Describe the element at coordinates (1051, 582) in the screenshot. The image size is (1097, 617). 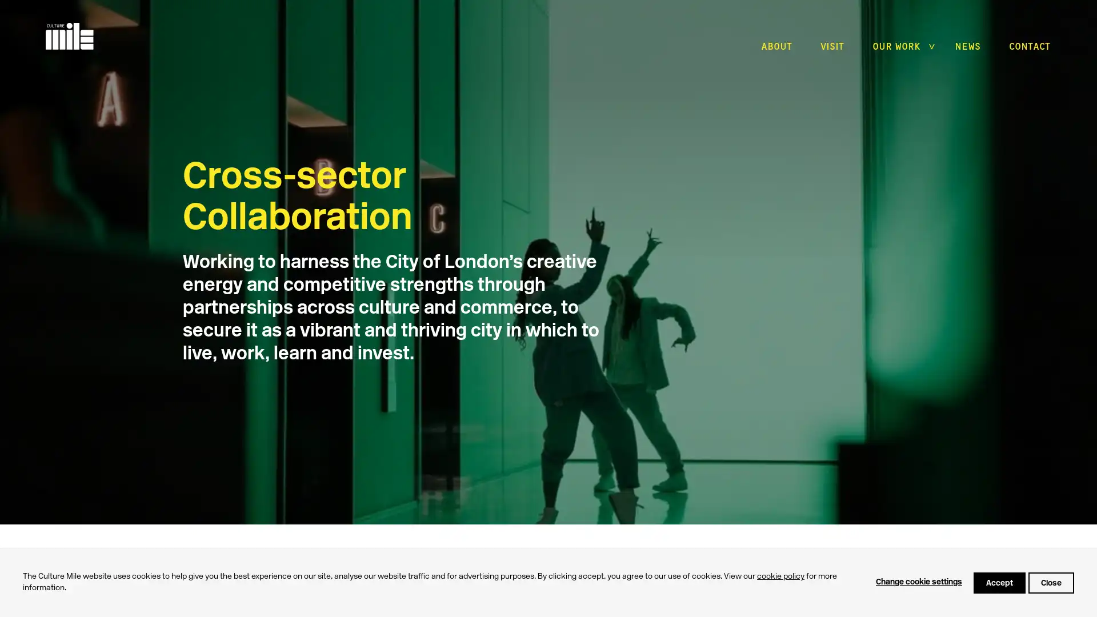
I see `Close` at that location.